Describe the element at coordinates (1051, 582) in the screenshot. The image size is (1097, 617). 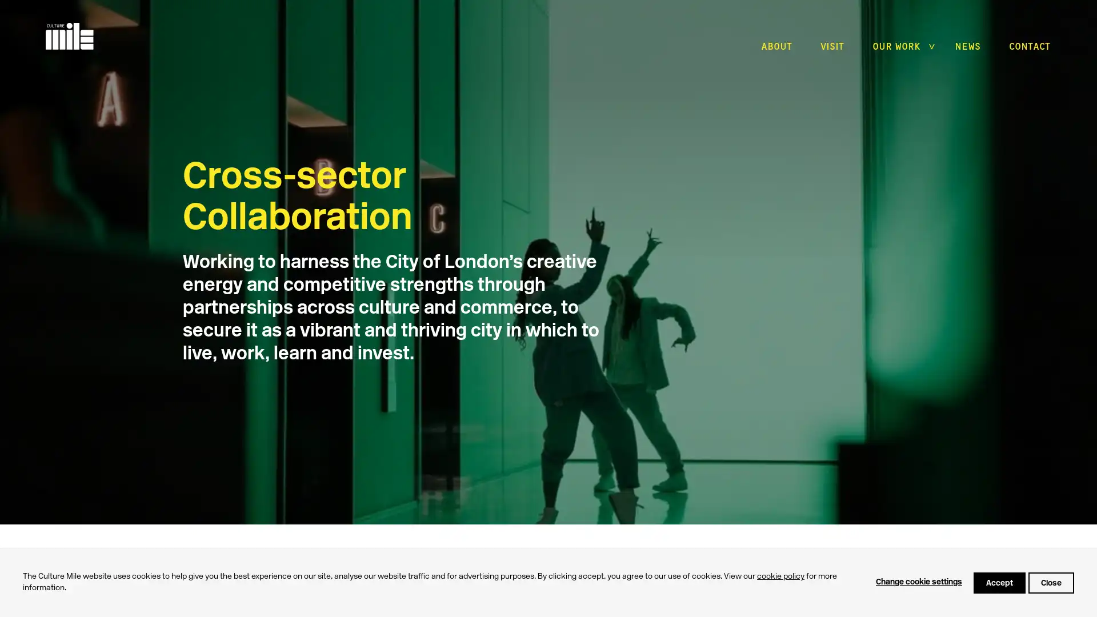
I see `Close` at that location.